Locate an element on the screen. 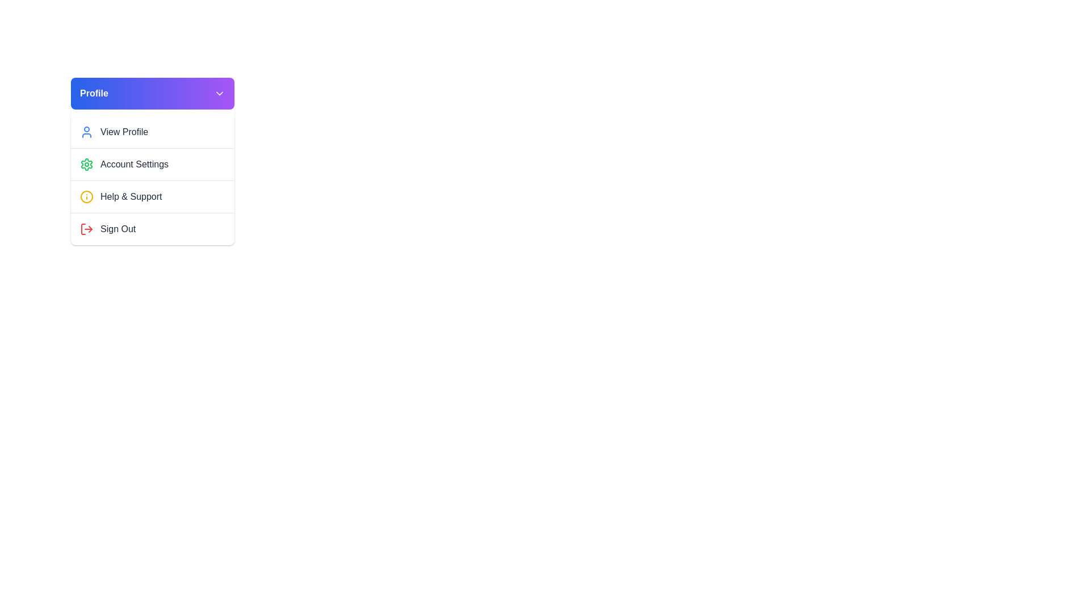 The image size is (1090, 613). the red log-out icon located to the left of the 'Sign Out' text in the dropdown menu under the 'Profile' section is located at coordinates (86, 229).